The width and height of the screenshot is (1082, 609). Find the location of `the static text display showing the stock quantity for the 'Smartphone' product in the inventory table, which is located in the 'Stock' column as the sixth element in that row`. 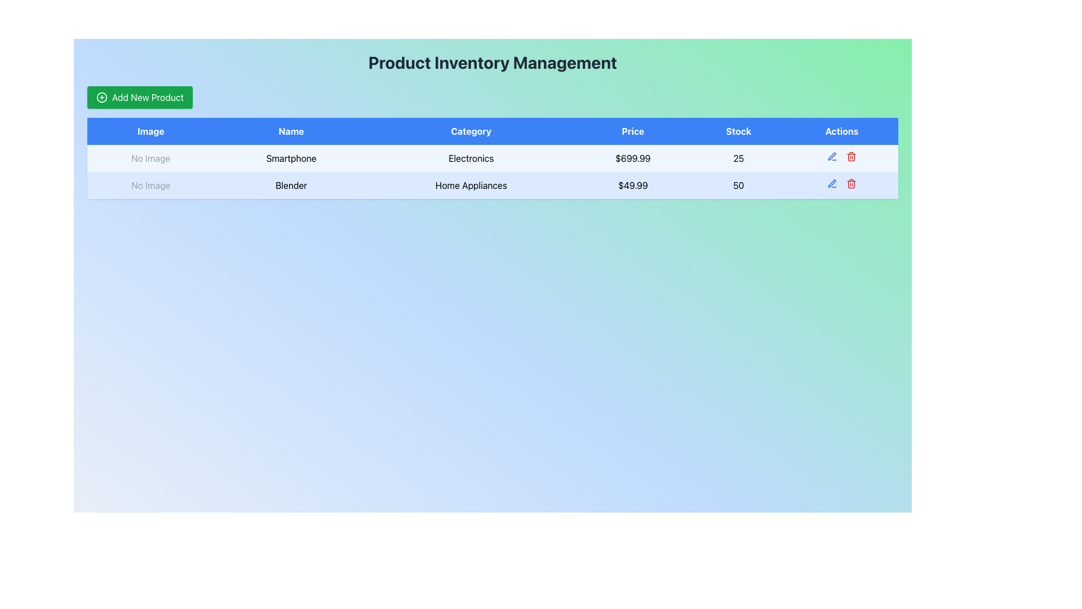

the static text display showing the stock quantity for the 'Smartphone' product in the inventory table, which is located in the 'Stock' column as the sixth element in that row is located at coordinates (738, 158).